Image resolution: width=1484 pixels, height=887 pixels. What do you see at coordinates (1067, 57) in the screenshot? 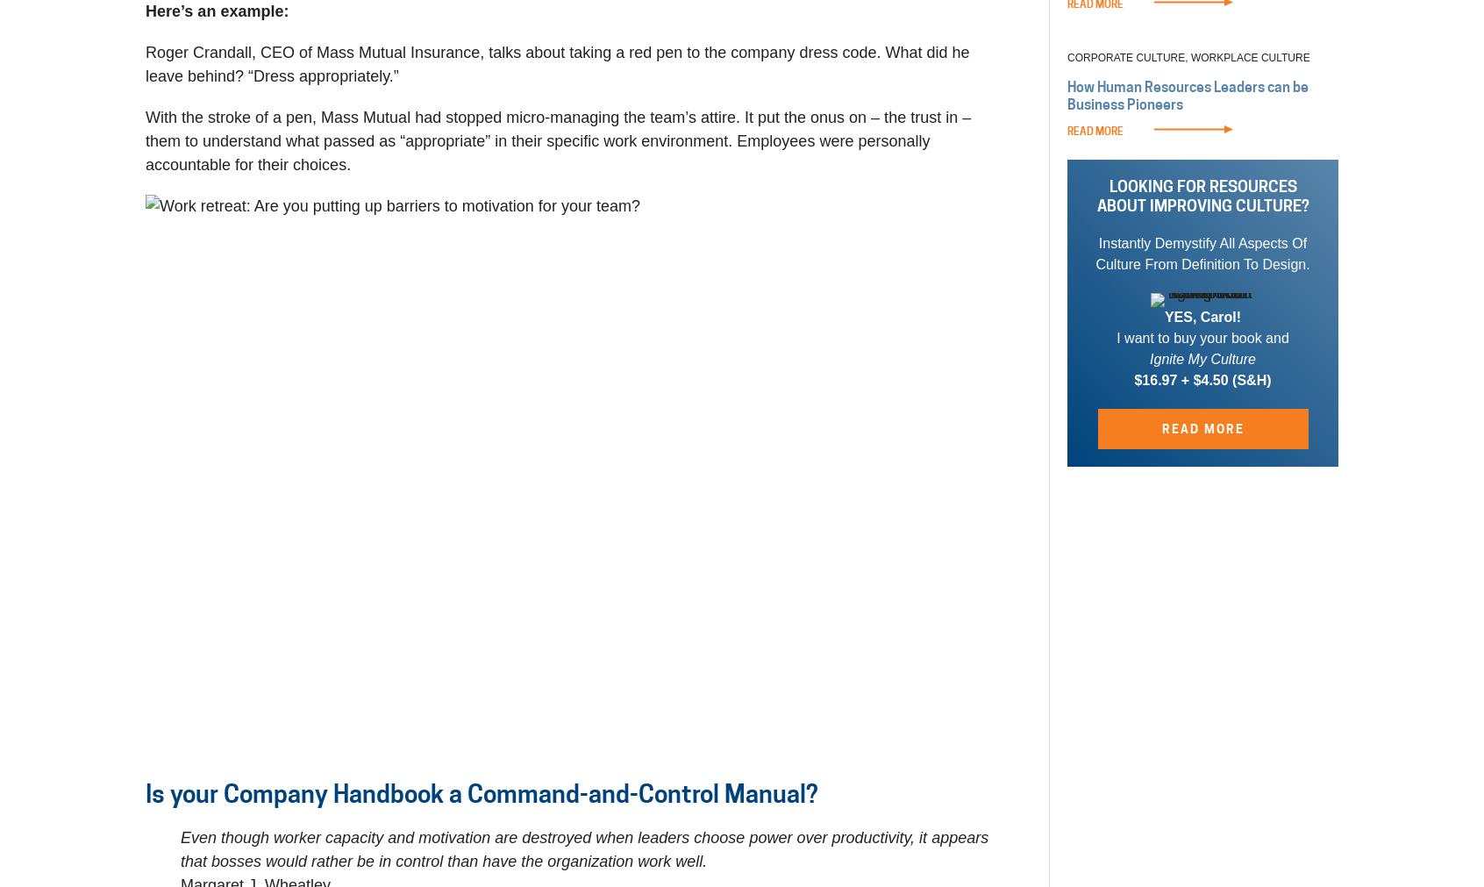
I see `'Corporate Culture'` at bounding box center [1067, 57].